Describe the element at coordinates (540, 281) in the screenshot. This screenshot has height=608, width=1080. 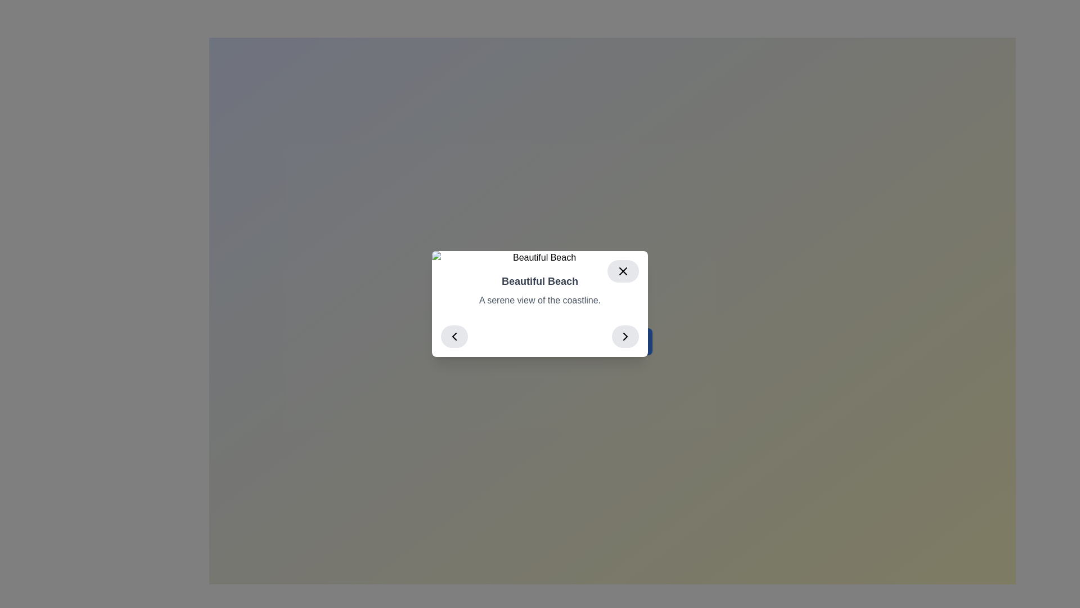
I see `the 'Beautiful Beach' text label, which is styled in bold and dark gray color, located at the top of a small dialog box with a white background` at that location.